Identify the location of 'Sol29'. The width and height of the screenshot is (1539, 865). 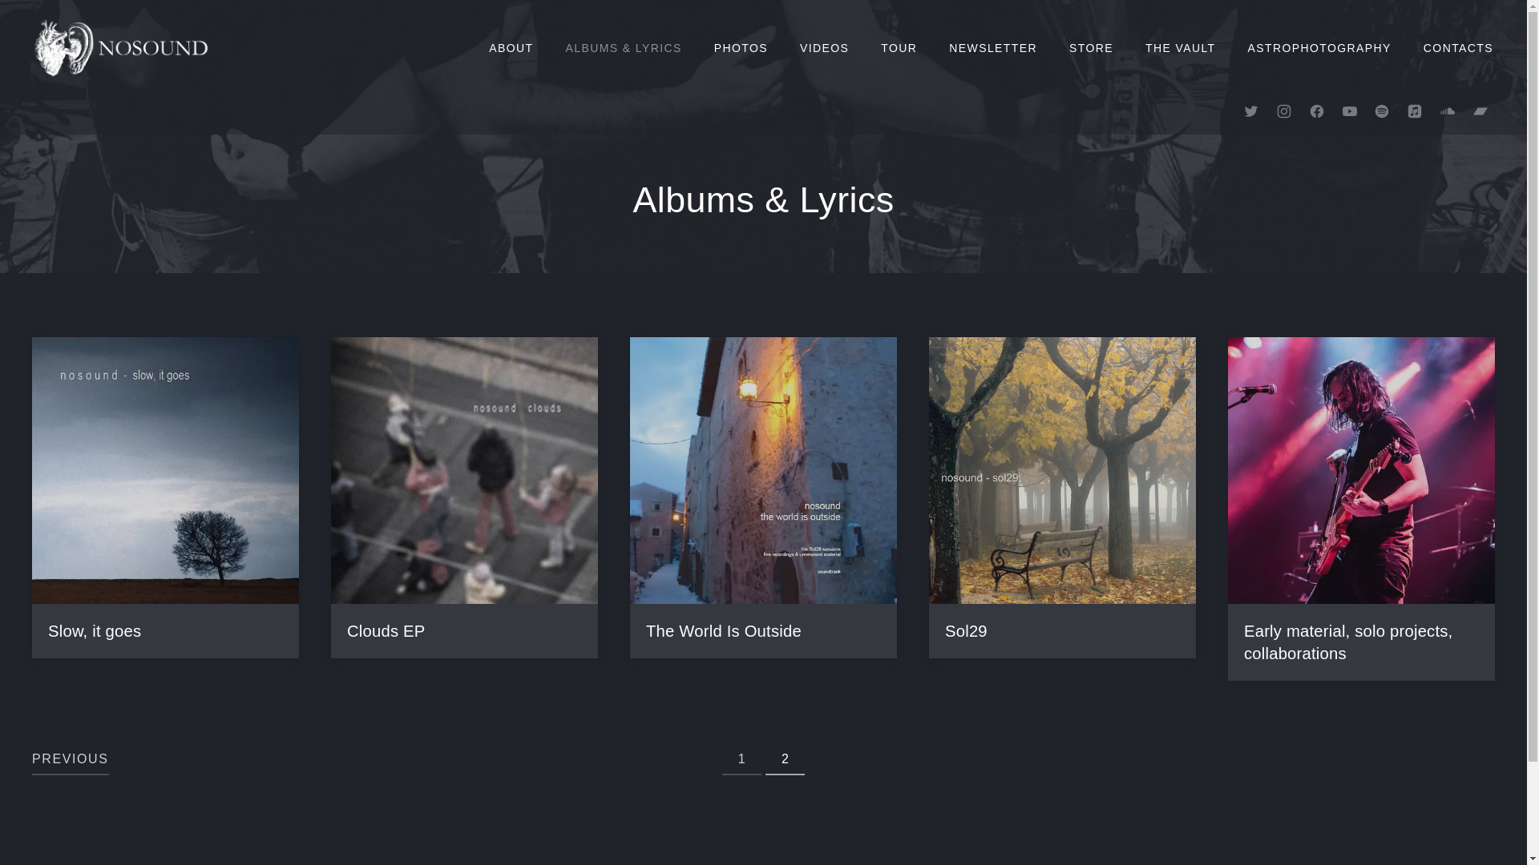
(945, 631).